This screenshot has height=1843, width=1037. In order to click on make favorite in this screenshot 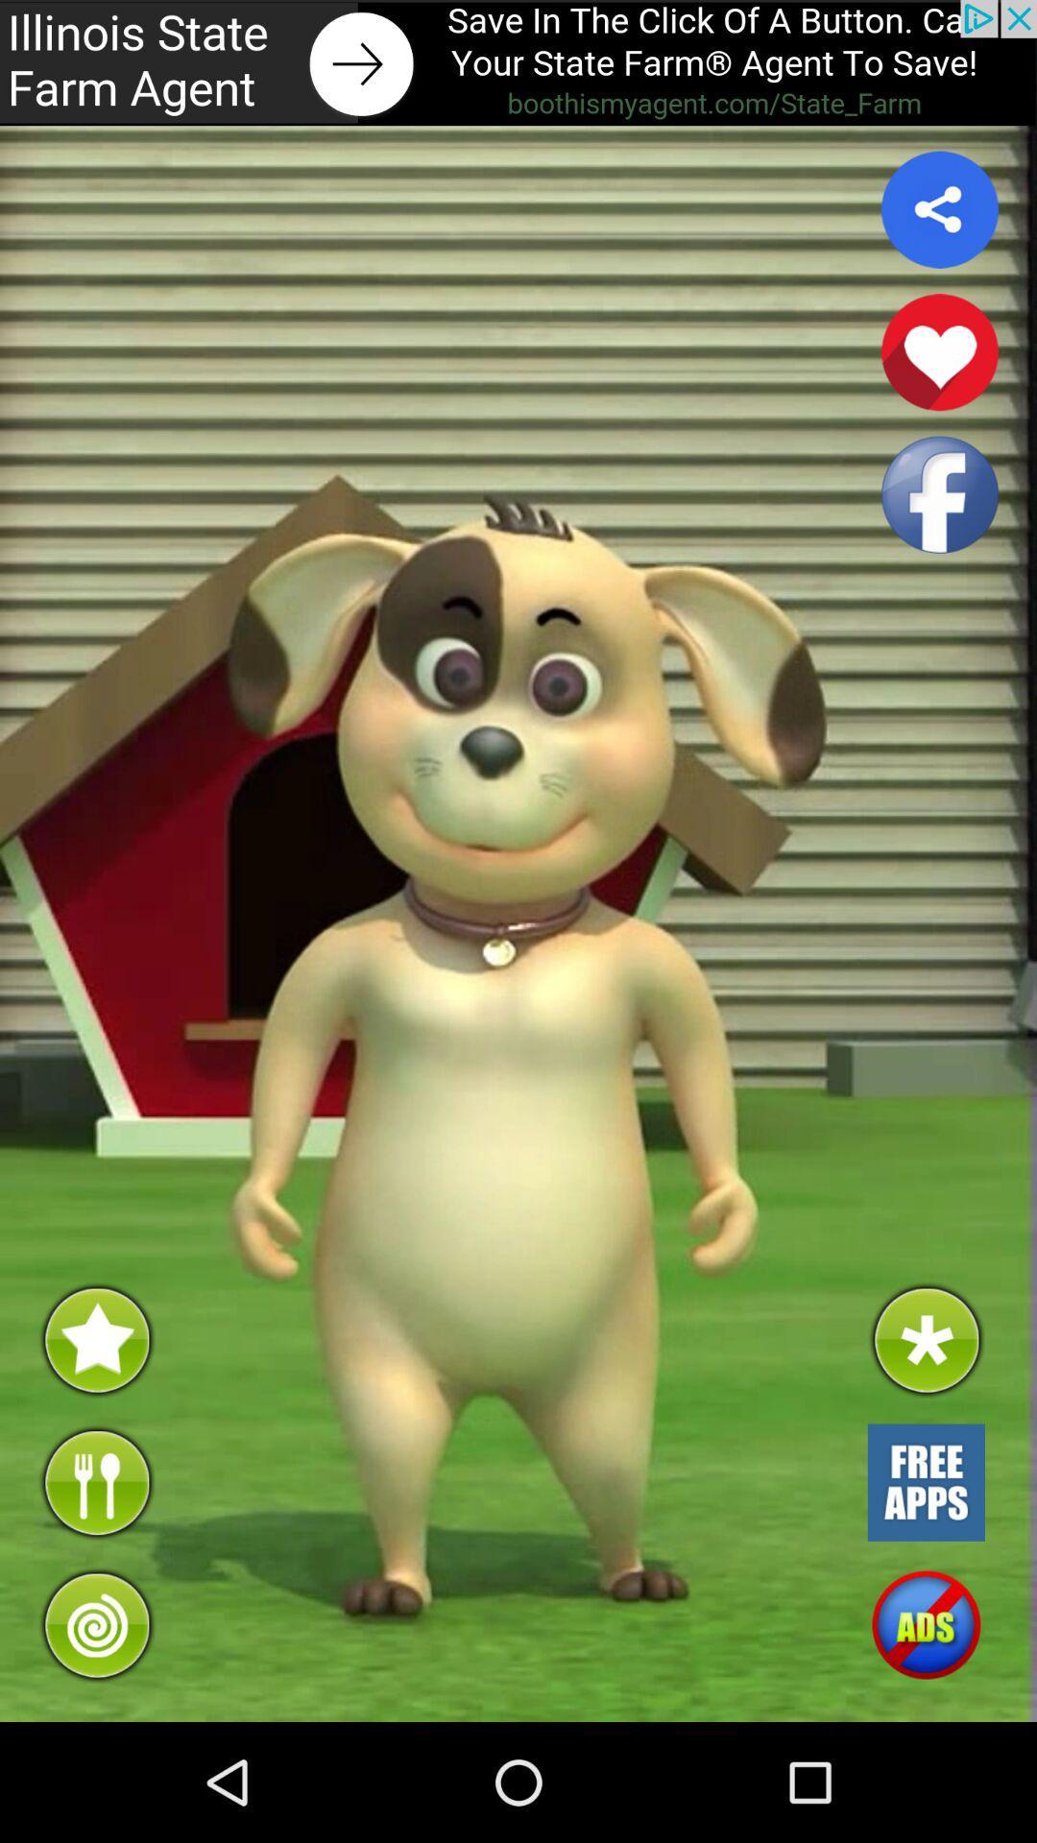, I will do `click(939, 352)`.